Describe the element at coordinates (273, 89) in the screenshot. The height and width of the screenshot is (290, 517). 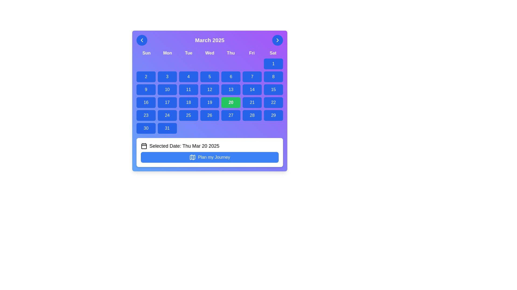
I see `the rounded rectangular button displaying the number '15' in white text on a blue background` at that location.